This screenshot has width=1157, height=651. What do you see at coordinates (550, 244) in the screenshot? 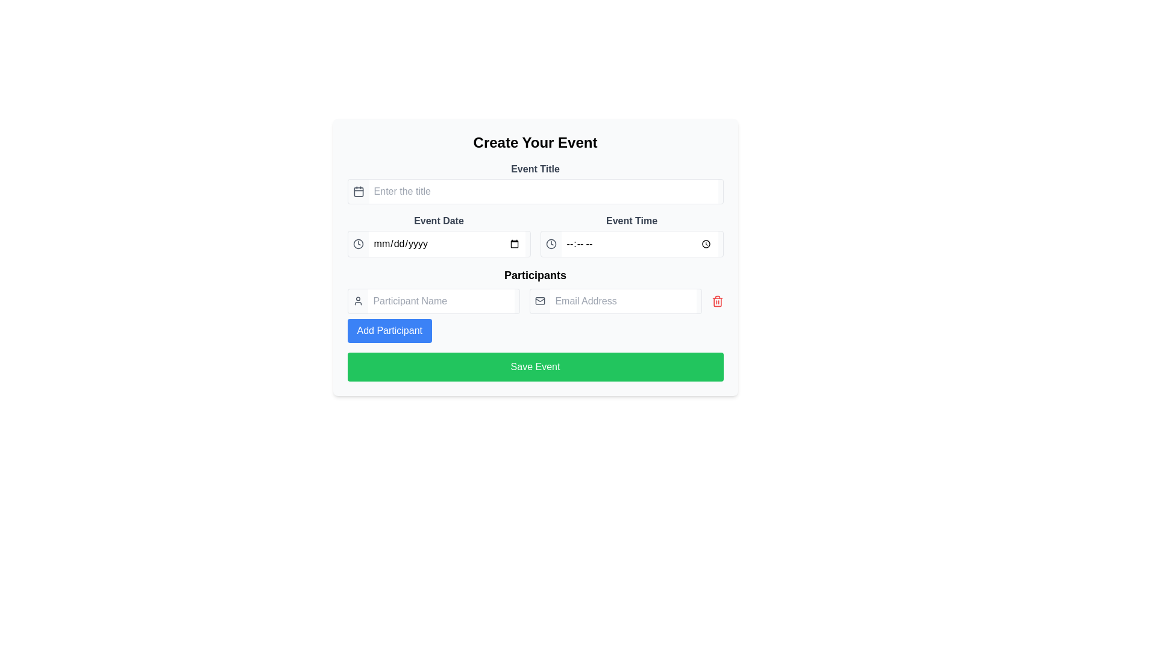
I see `the circular shape graphic that serves as the outer boundary of the clock icon in the 'Create Your Event' interface` at bounding box center [550, 244].